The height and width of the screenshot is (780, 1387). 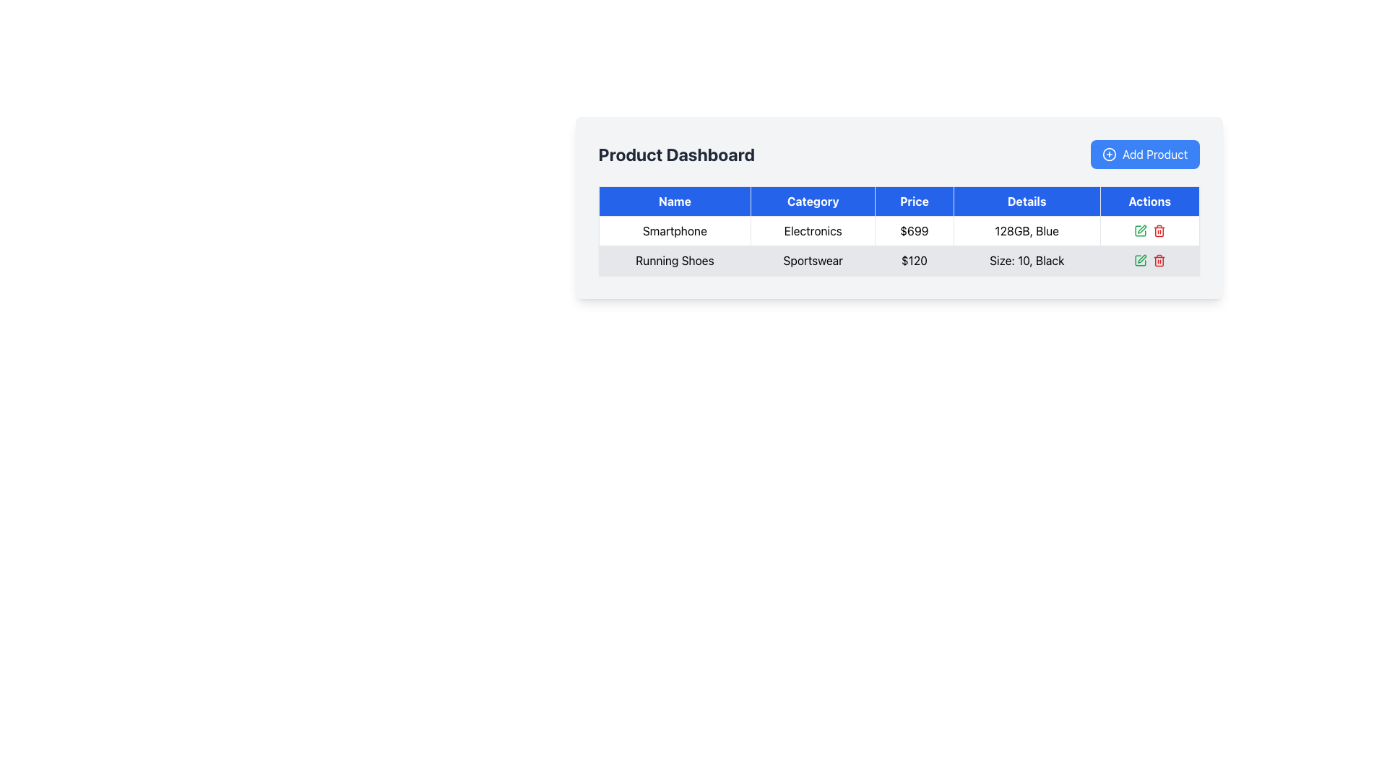 I want to click on the first column header cell of the table, which indicates the names of items listed in the table, so click(x=674, y=201).